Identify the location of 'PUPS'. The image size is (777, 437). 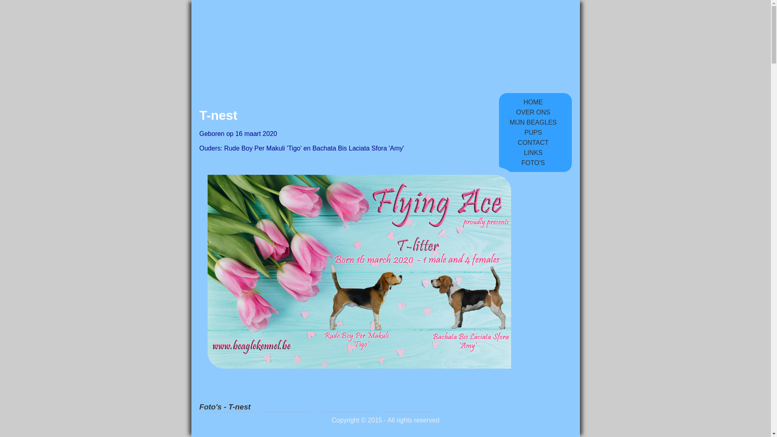
(533, 132).